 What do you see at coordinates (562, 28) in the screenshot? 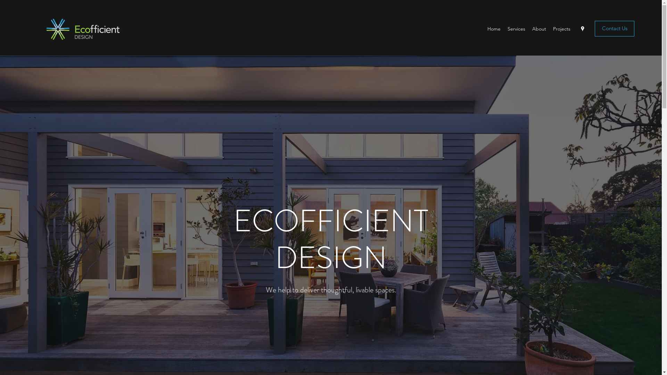
I see `'Projects'` at bounding box center [562, 28].